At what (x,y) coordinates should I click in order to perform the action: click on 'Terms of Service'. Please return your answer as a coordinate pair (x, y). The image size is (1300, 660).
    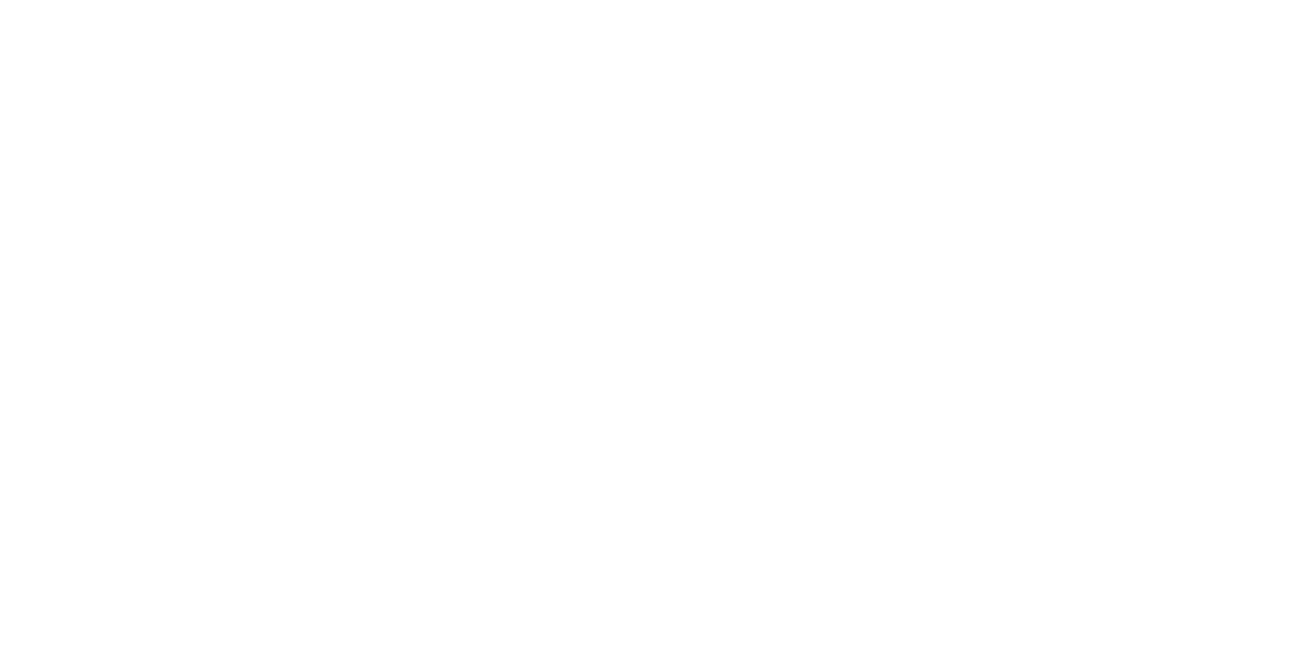
    Looking at the image, I should click on (343, 476).